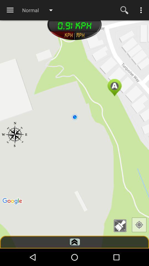 This screenshot has width=149, height=266. Describe the element at coordinates (62, 35) in the screenshot. I see `unit of measure selection` at that location.